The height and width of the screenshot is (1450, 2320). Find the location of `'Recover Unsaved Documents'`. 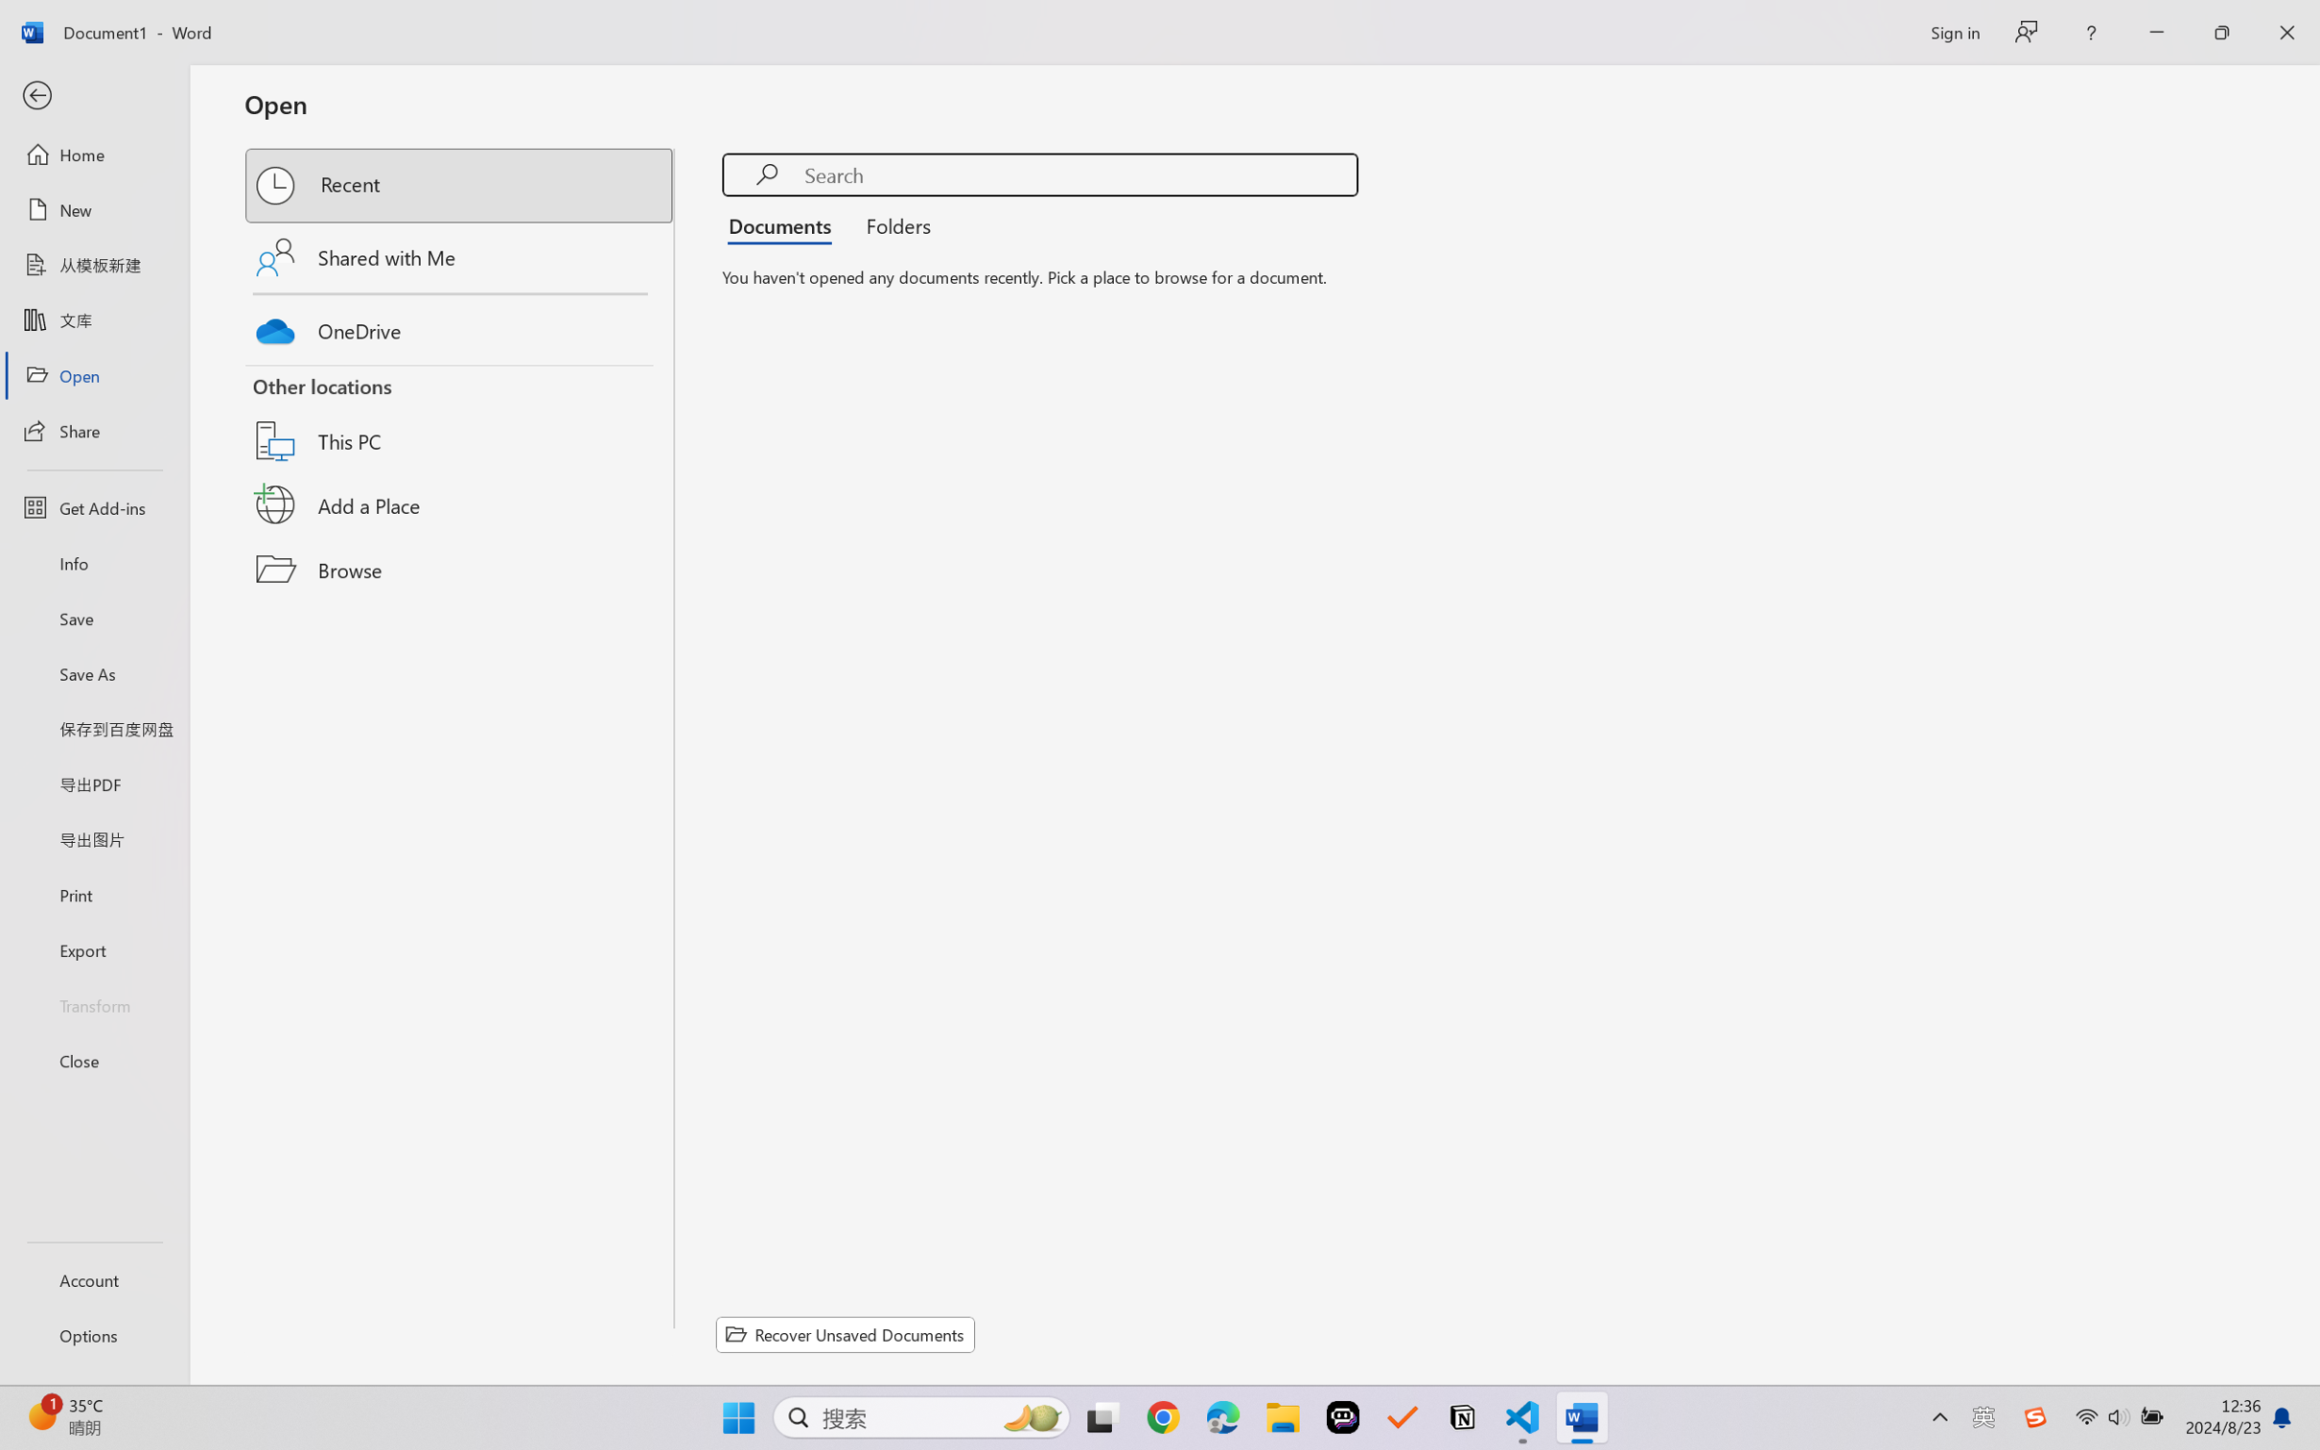

'Recover Unsaved Documents' is located at coordinates (846, 1334).